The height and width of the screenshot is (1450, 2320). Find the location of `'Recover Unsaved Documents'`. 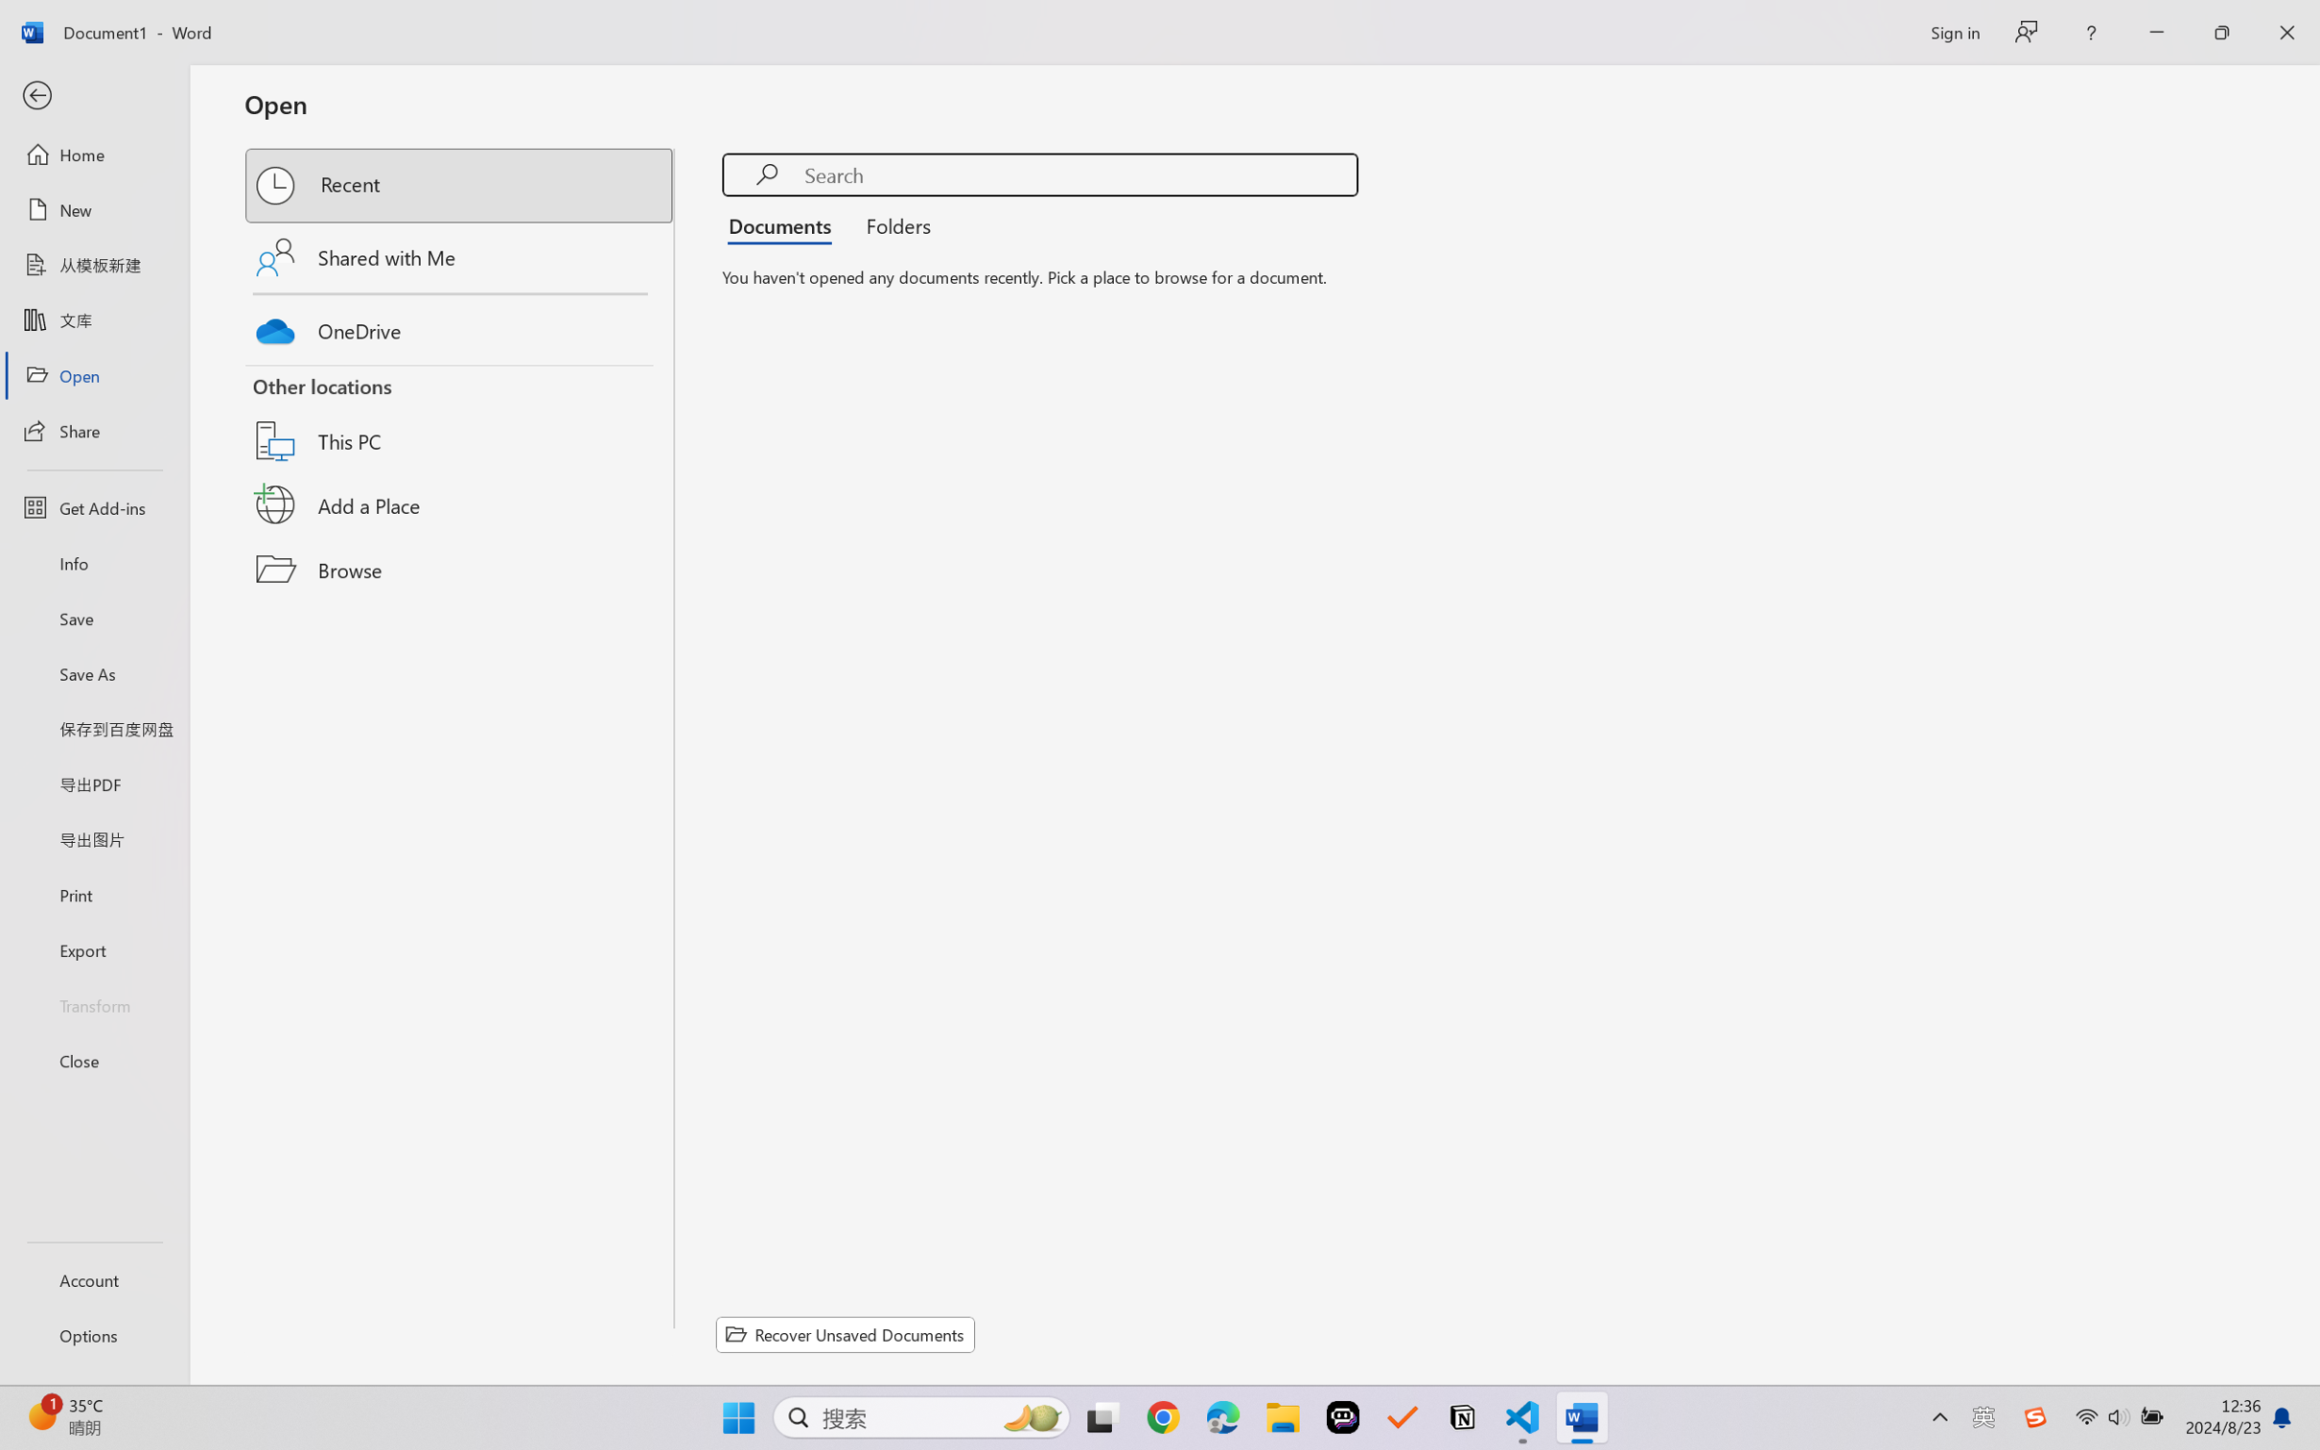

'Recover Unsaved Documents' is located at coordinates (846, 1334).